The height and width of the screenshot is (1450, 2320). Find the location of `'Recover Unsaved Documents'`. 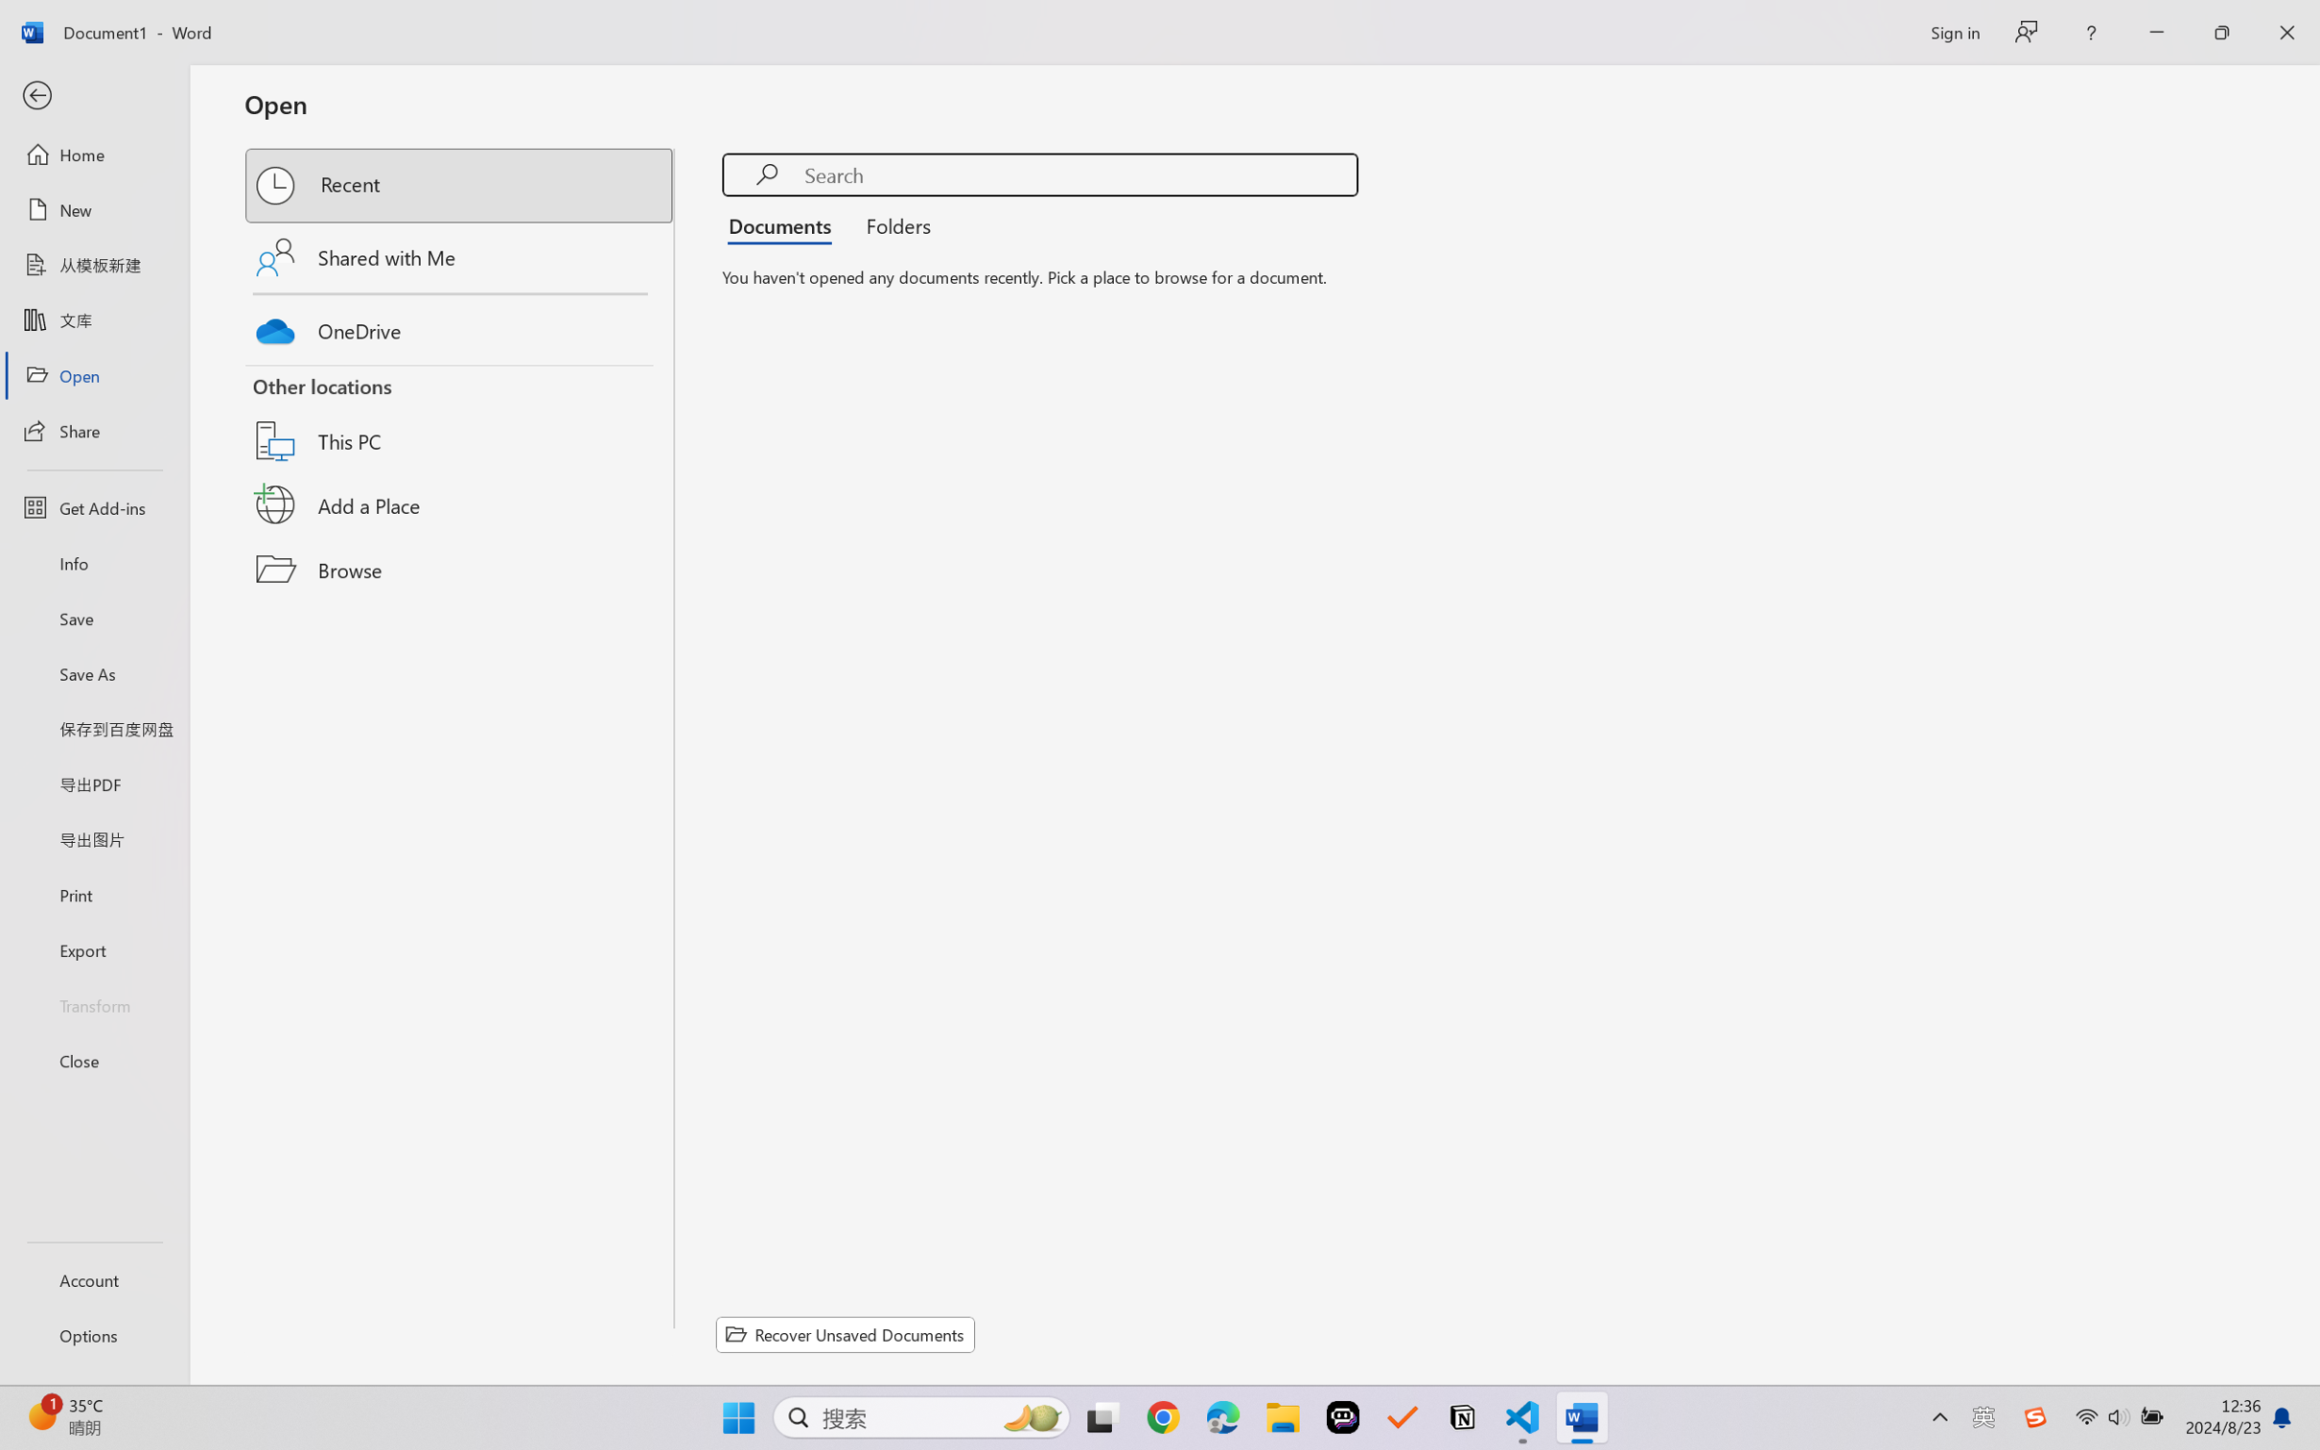

'Recover Unsaved Documents' is located at coordinates (846, 1334).